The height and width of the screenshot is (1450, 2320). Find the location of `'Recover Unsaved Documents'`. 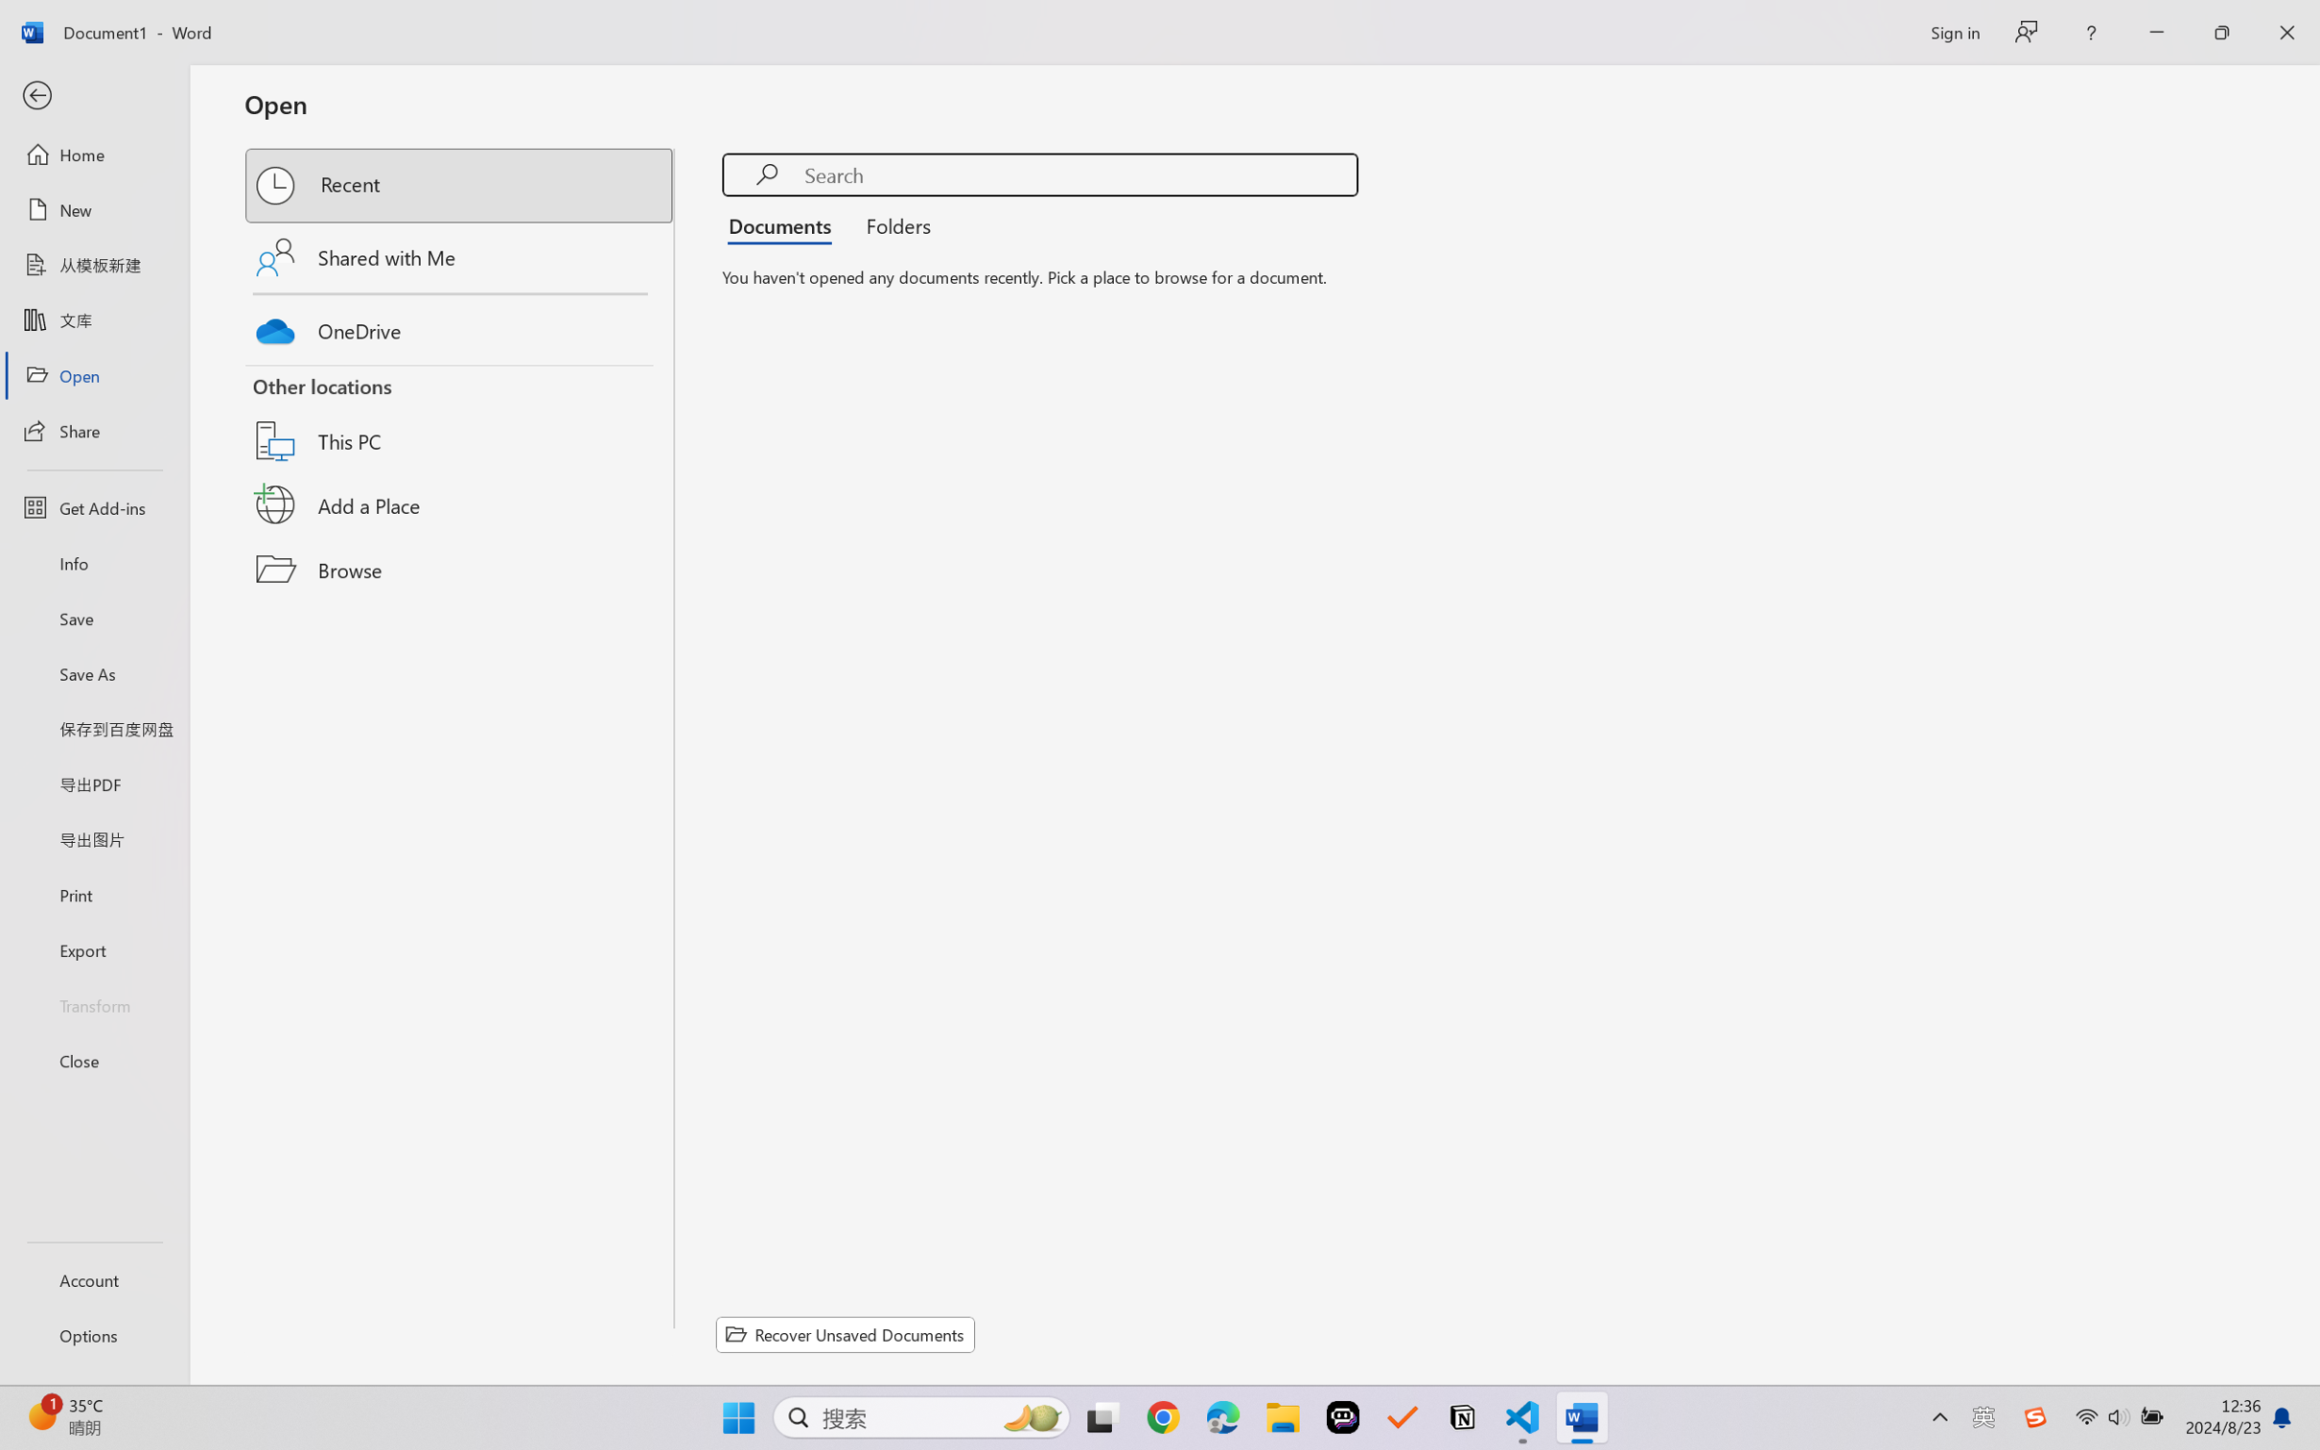

'Recover Unsaved Documents' is located at coordinates (846, 1334).